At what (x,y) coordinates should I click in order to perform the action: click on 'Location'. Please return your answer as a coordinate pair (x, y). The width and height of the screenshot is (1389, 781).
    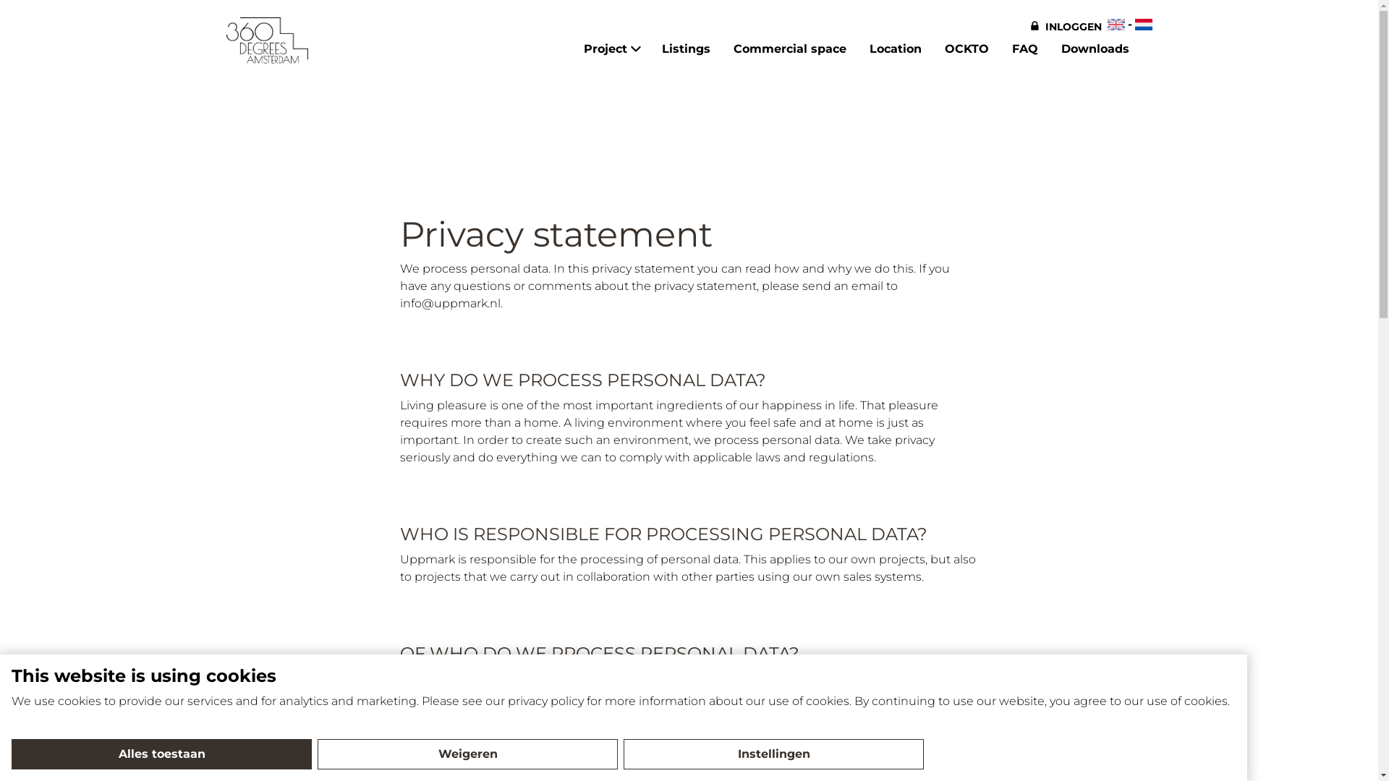
    Looking at the image, I should click on (868, 48).